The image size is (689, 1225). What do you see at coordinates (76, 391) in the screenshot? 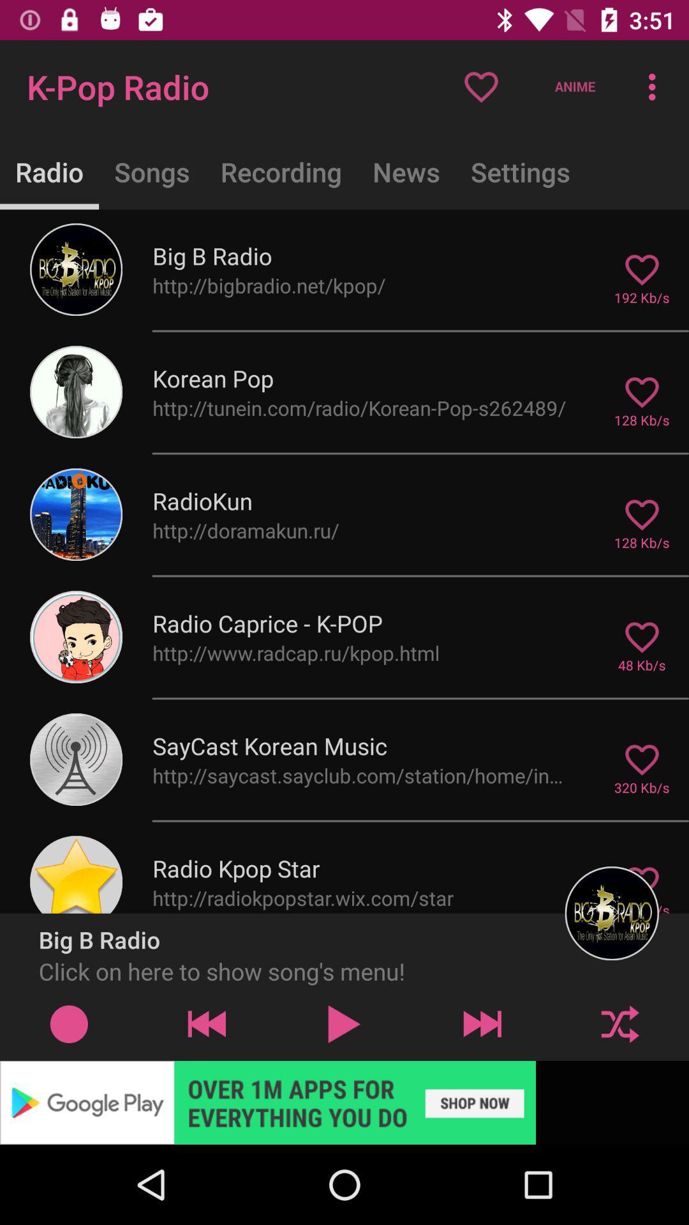
I see `korean pop image` at bounding box center [76, 391].